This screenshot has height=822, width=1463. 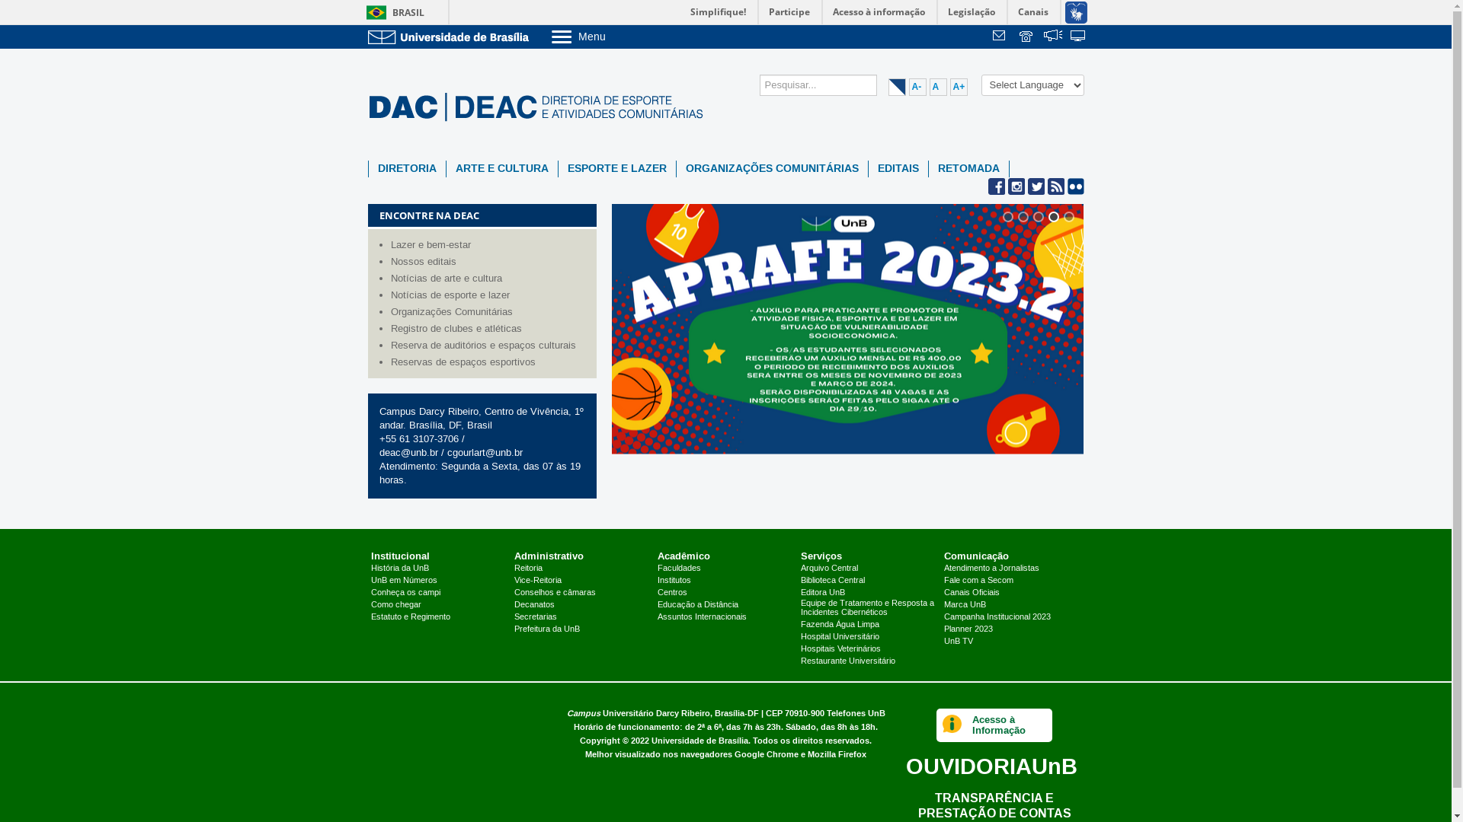 I want to click on 'Nossos editais', so click(x=489, y=260).